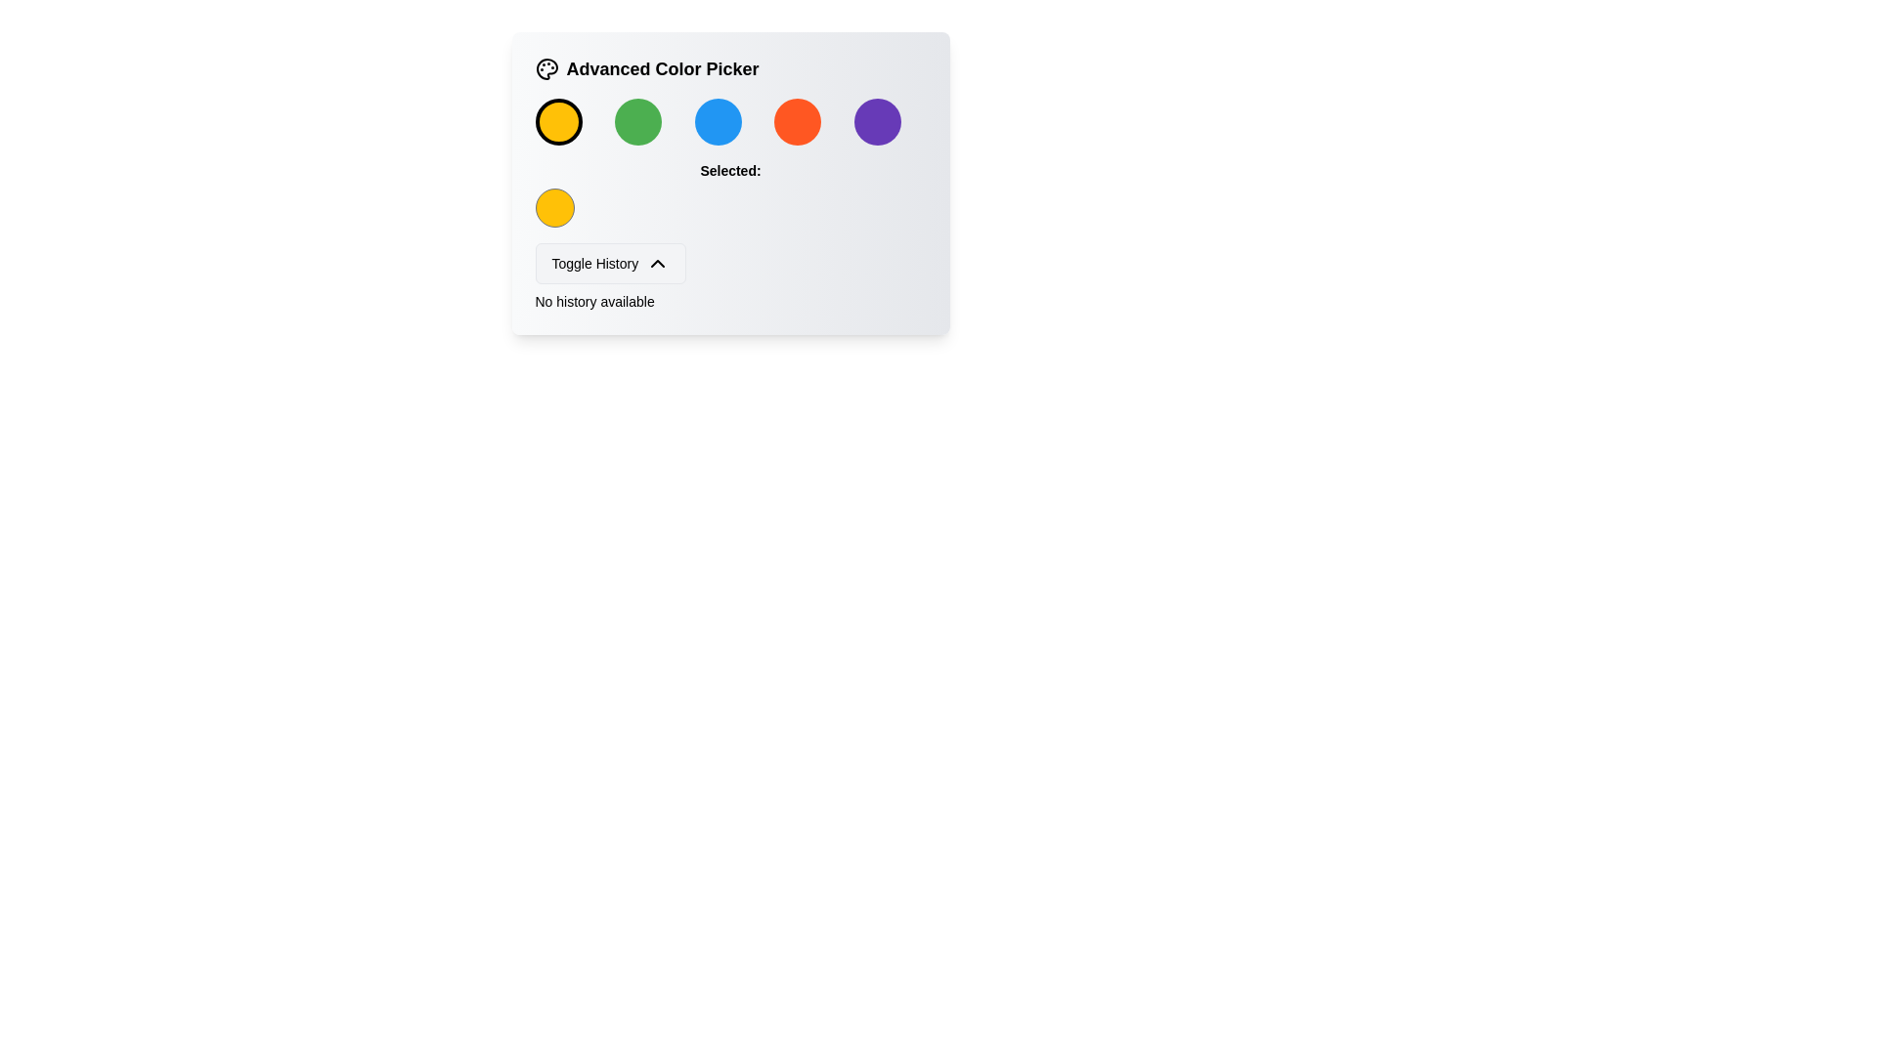 Image resolution: width=1877 pixels, height=1055 pixels. Describe the element at coordinates (546, 67) in the screenshot. I see `the decorative color picker icon located at the leftmost position in the heading bar of the 'Advanced Color Picker' section` at that location.